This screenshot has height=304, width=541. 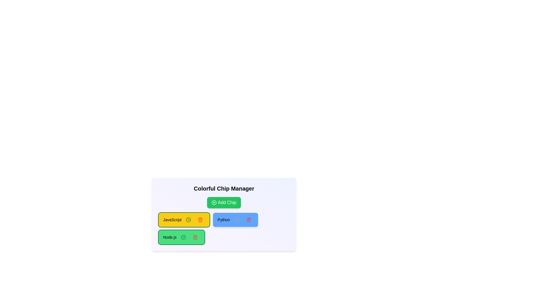 I want to click on the 'Add Chip' button to add a new chip, so click(x=224, y=203).